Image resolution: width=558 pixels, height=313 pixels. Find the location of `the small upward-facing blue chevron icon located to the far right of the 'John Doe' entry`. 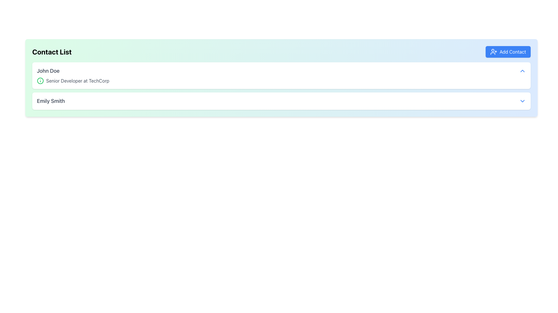

the small upward-facing blue chevron icon located to the far right of the 'John Doe' entry is located at coordinates (523, 71).